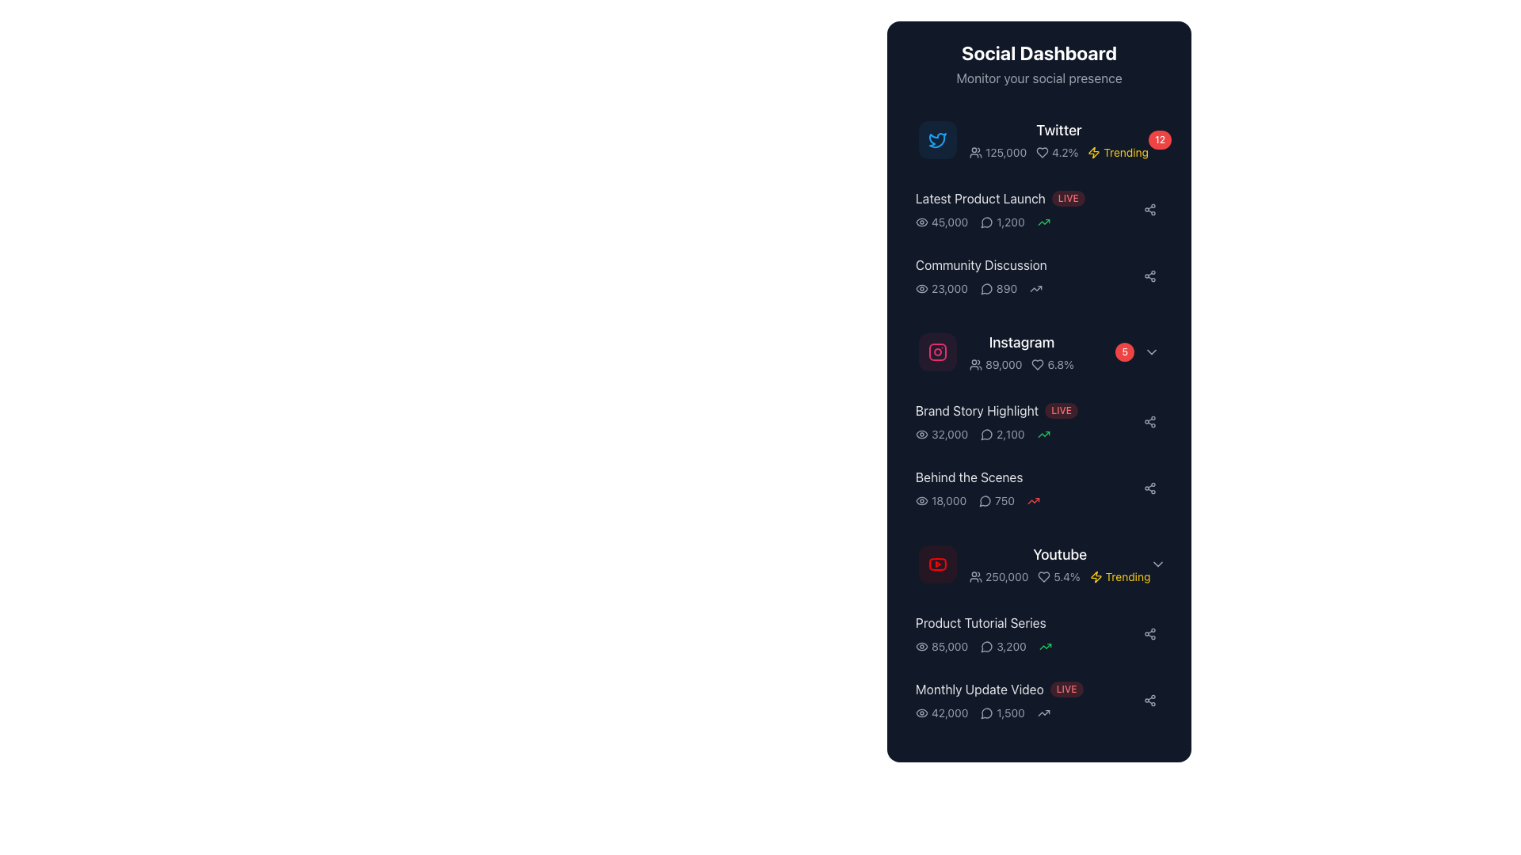 Image resolution: width=1521 pixels, height=855 pixels. What do you see at coordinates (1059, 130) in the screenshot?
I see `the static text label displaying 'Twitter' in white color, which is prominently positioned at the top of the social media dashboard` at bounding box center [1059, 130].